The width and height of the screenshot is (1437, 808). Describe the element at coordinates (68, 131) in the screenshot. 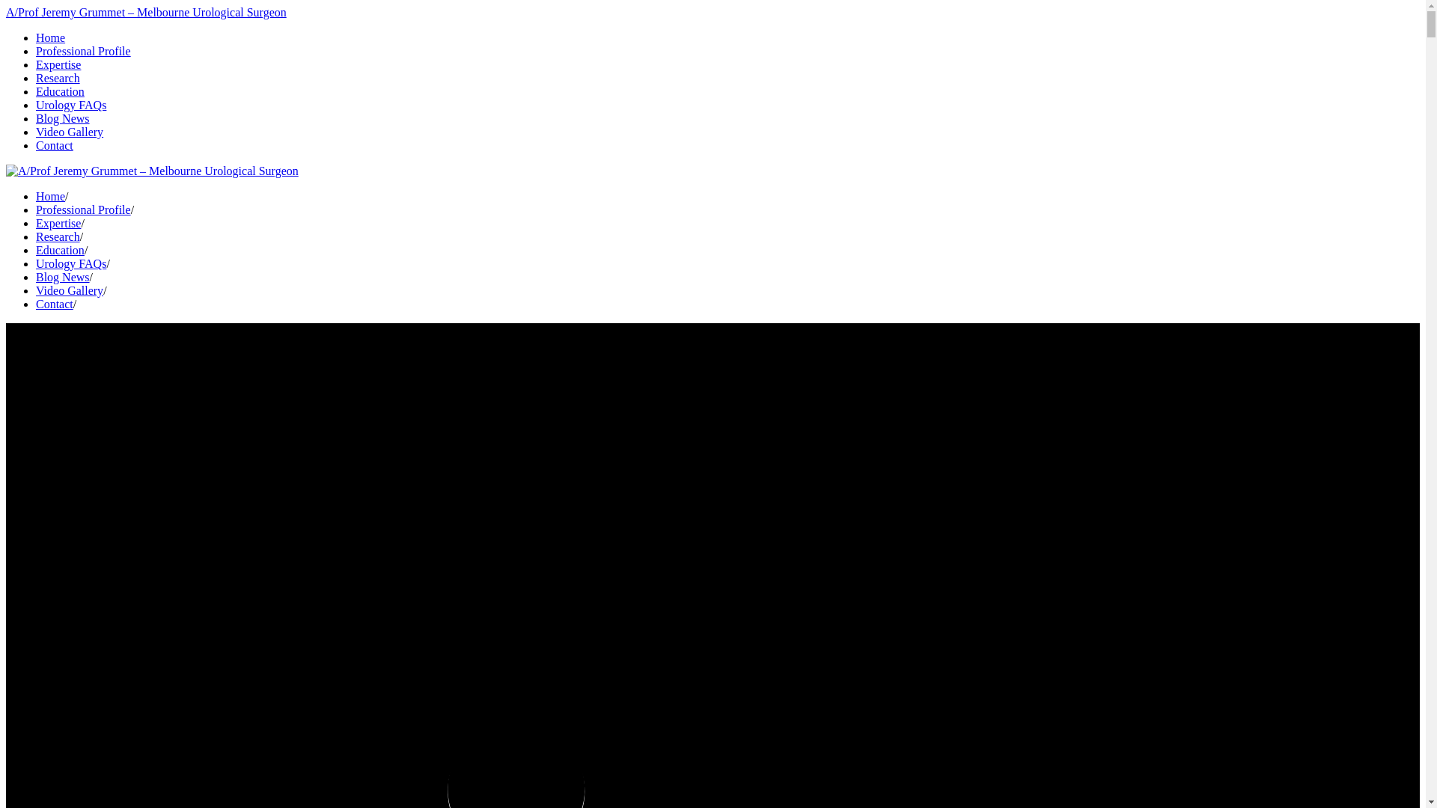

I see `'Video Gallery'` at that location.